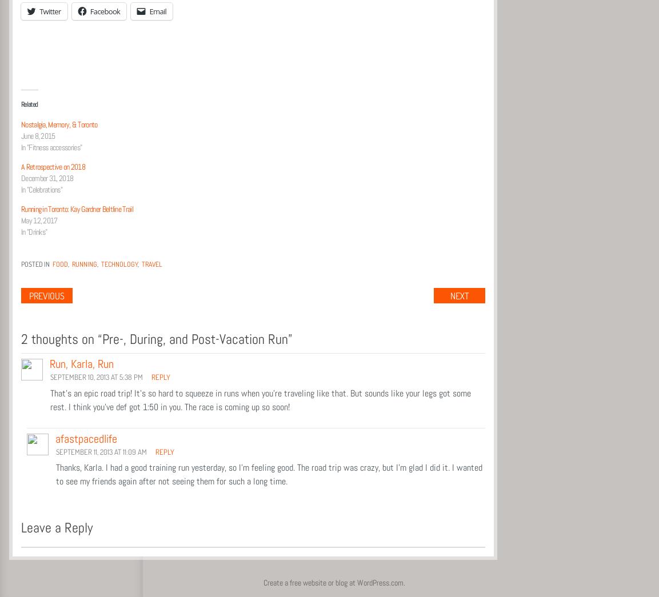 The image size is (659, 597). What do you see at coordinates (81, 319) in the screenshot?
I see `'Post navigation'` at bounding box center [81, 319].